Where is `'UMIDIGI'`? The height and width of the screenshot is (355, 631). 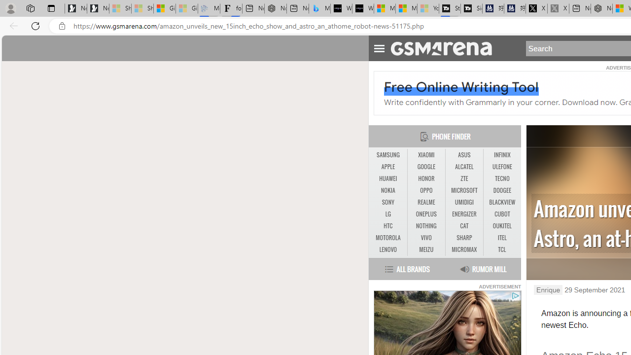 'UMIDIGI' is located at coordinates (463, 202).